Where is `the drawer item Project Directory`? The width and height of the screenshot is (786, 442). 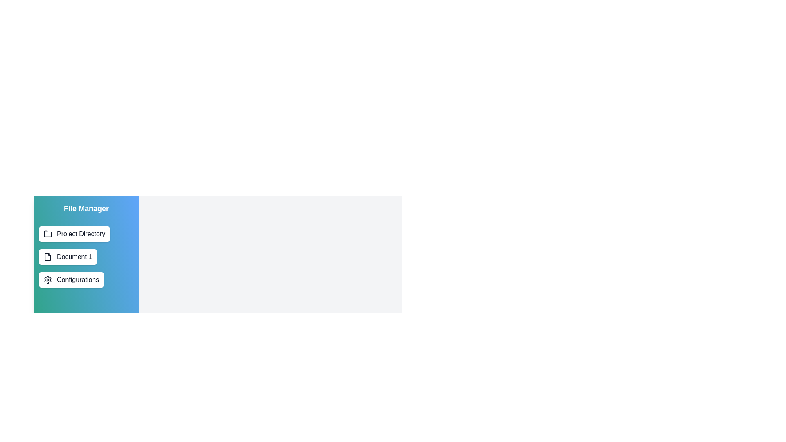 the drawer item Project Directory is located at coordinates (75, 234).